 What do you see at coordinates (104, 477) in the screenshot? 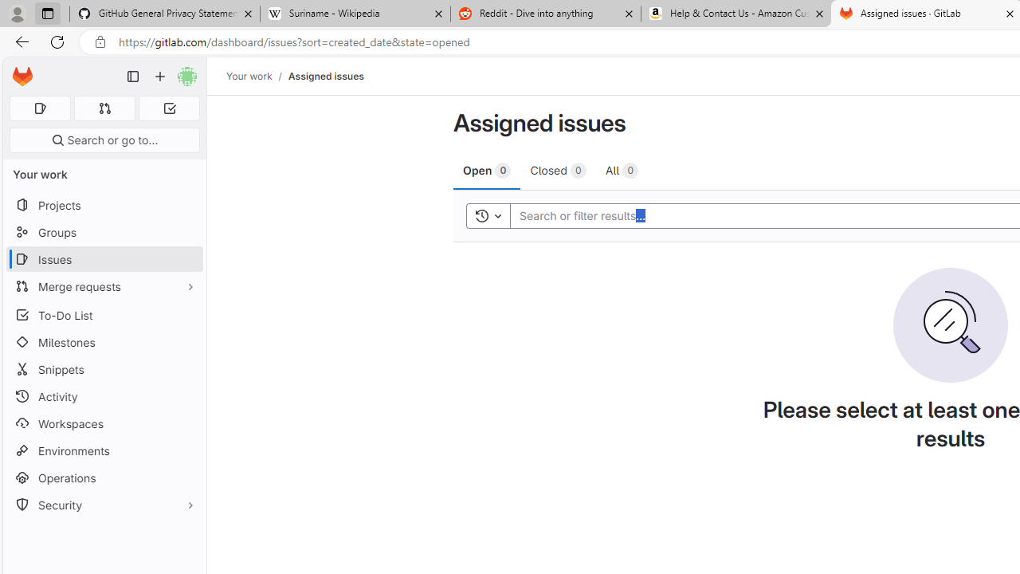
I see `'Operations'` at bounding box center [104, 477].